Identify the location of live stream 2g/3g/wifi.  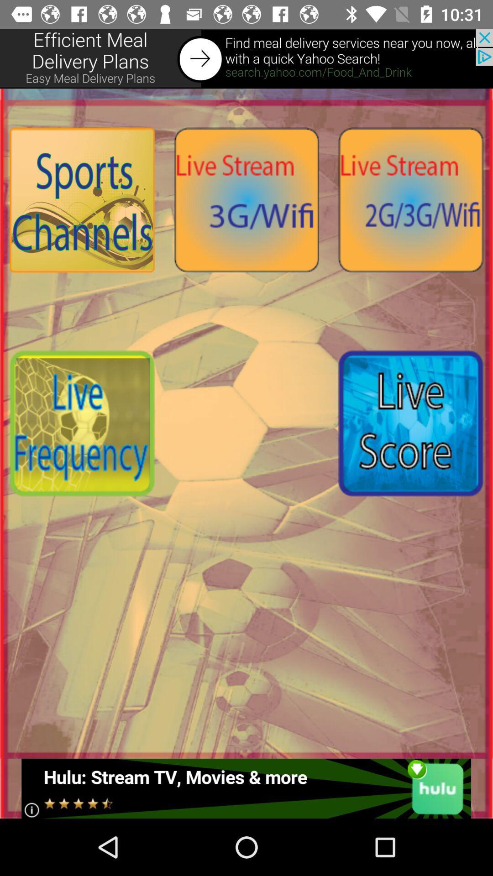
(410, 199).